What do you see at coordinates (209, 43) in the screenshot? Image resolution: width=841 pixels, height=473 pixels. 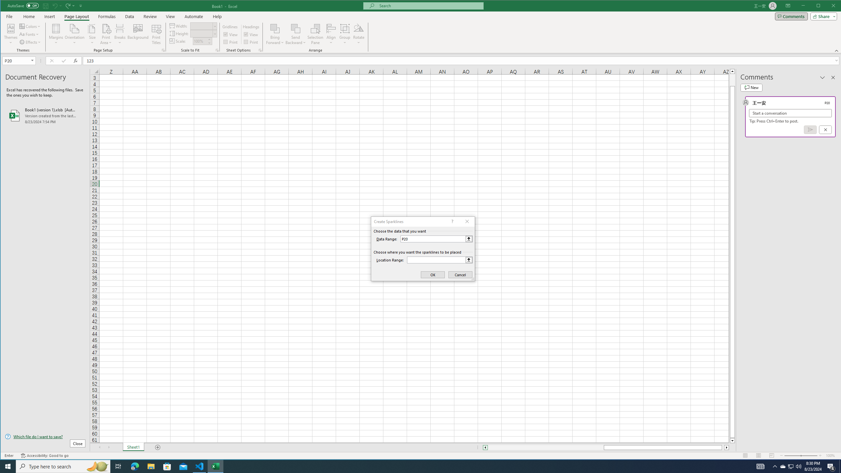 I see `'Less'` at bounding box center [209, 43].